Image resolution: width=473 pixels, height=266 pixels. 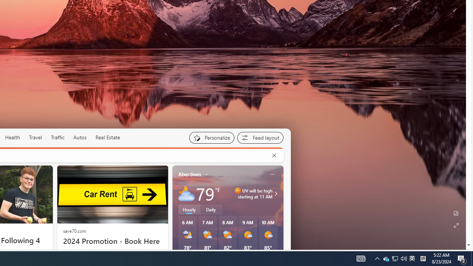 What do you see at coordinates (273, 155) in the screenshot?
I see `'Cancel'` at bounding box center [273, 155].